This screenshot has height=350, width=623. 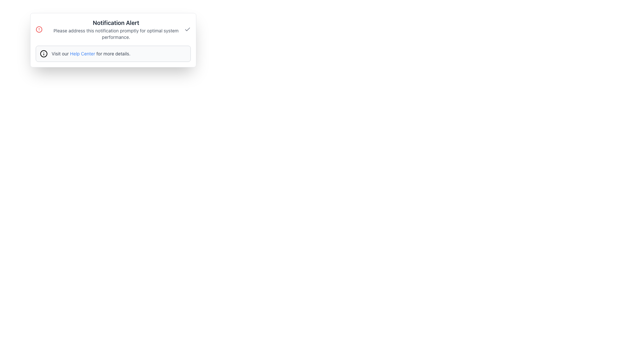 What do you see at coordinates (187, 29) in the screenshot?
I see `the approval icon located in the top-right corner of the notification card titled 'Notification Alert'` at bounding box center [187, 29].